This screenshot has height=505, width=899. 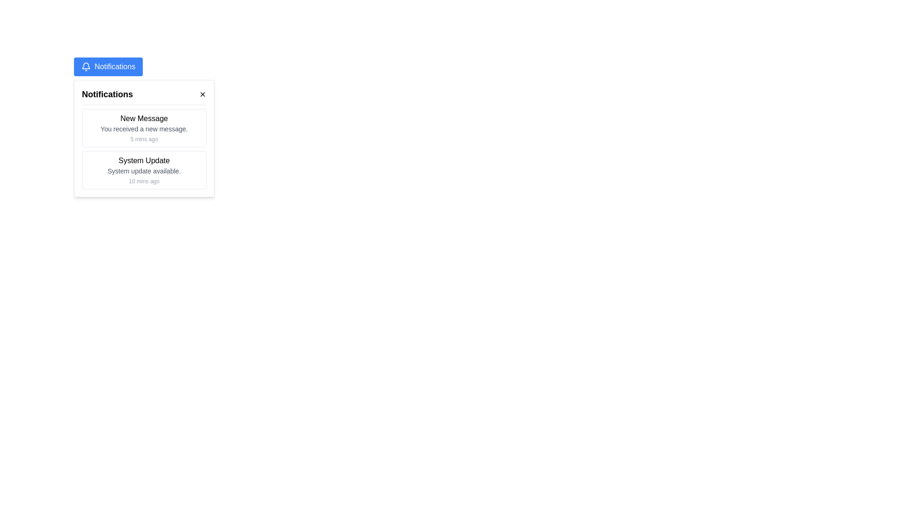 What do you see at coordinates (143, 160) in the screenshot?
I see `the title of the notification entry indicating a software or system-related update, located in the middle section of the Notifications dropdown` at bounding box center [143, 160].